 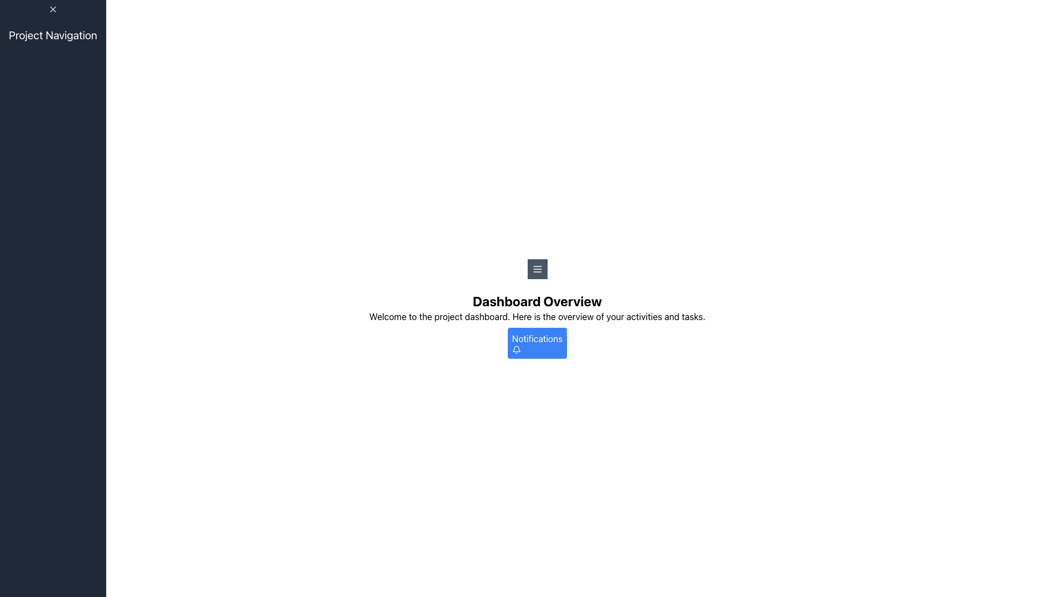 What do you see at coordinates (537, 269) in the screenshot?
I see `the square button with a dark gray background and white horizontal lines icon, styled as a hamburger menu` at bounding box center [537, 269].